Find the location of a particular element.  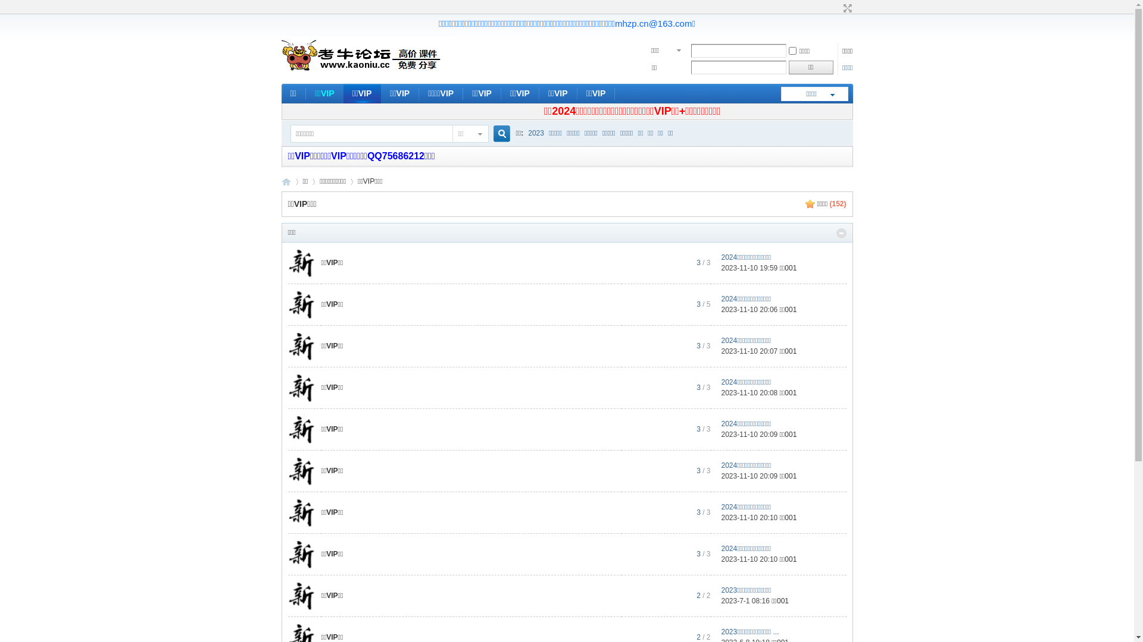

'true' is located at coordinates (488, 134).